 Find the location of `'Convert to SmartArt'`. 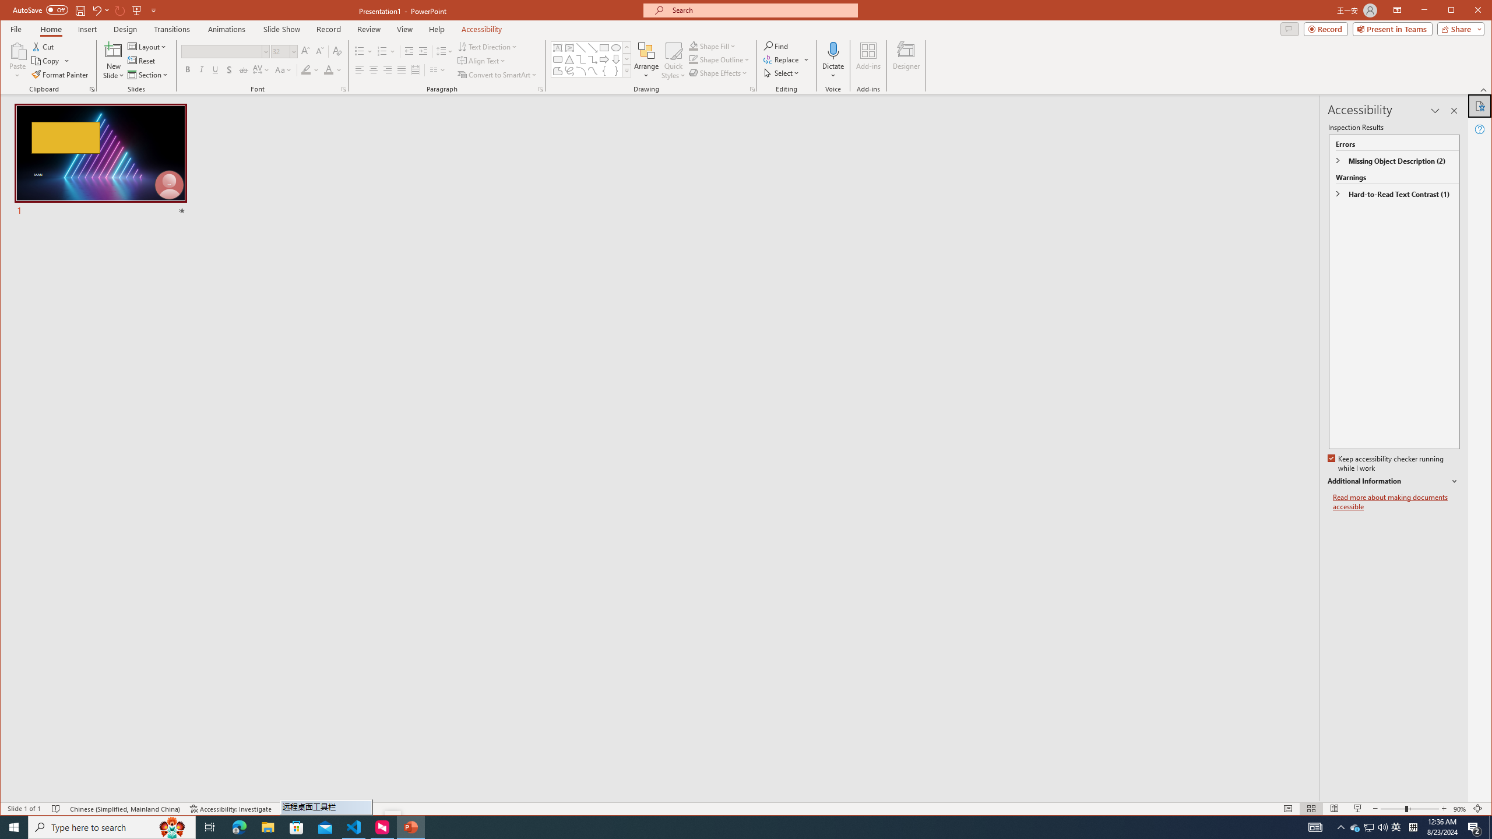

'Convert to SmartArt' is located at coordinates (497, 74).